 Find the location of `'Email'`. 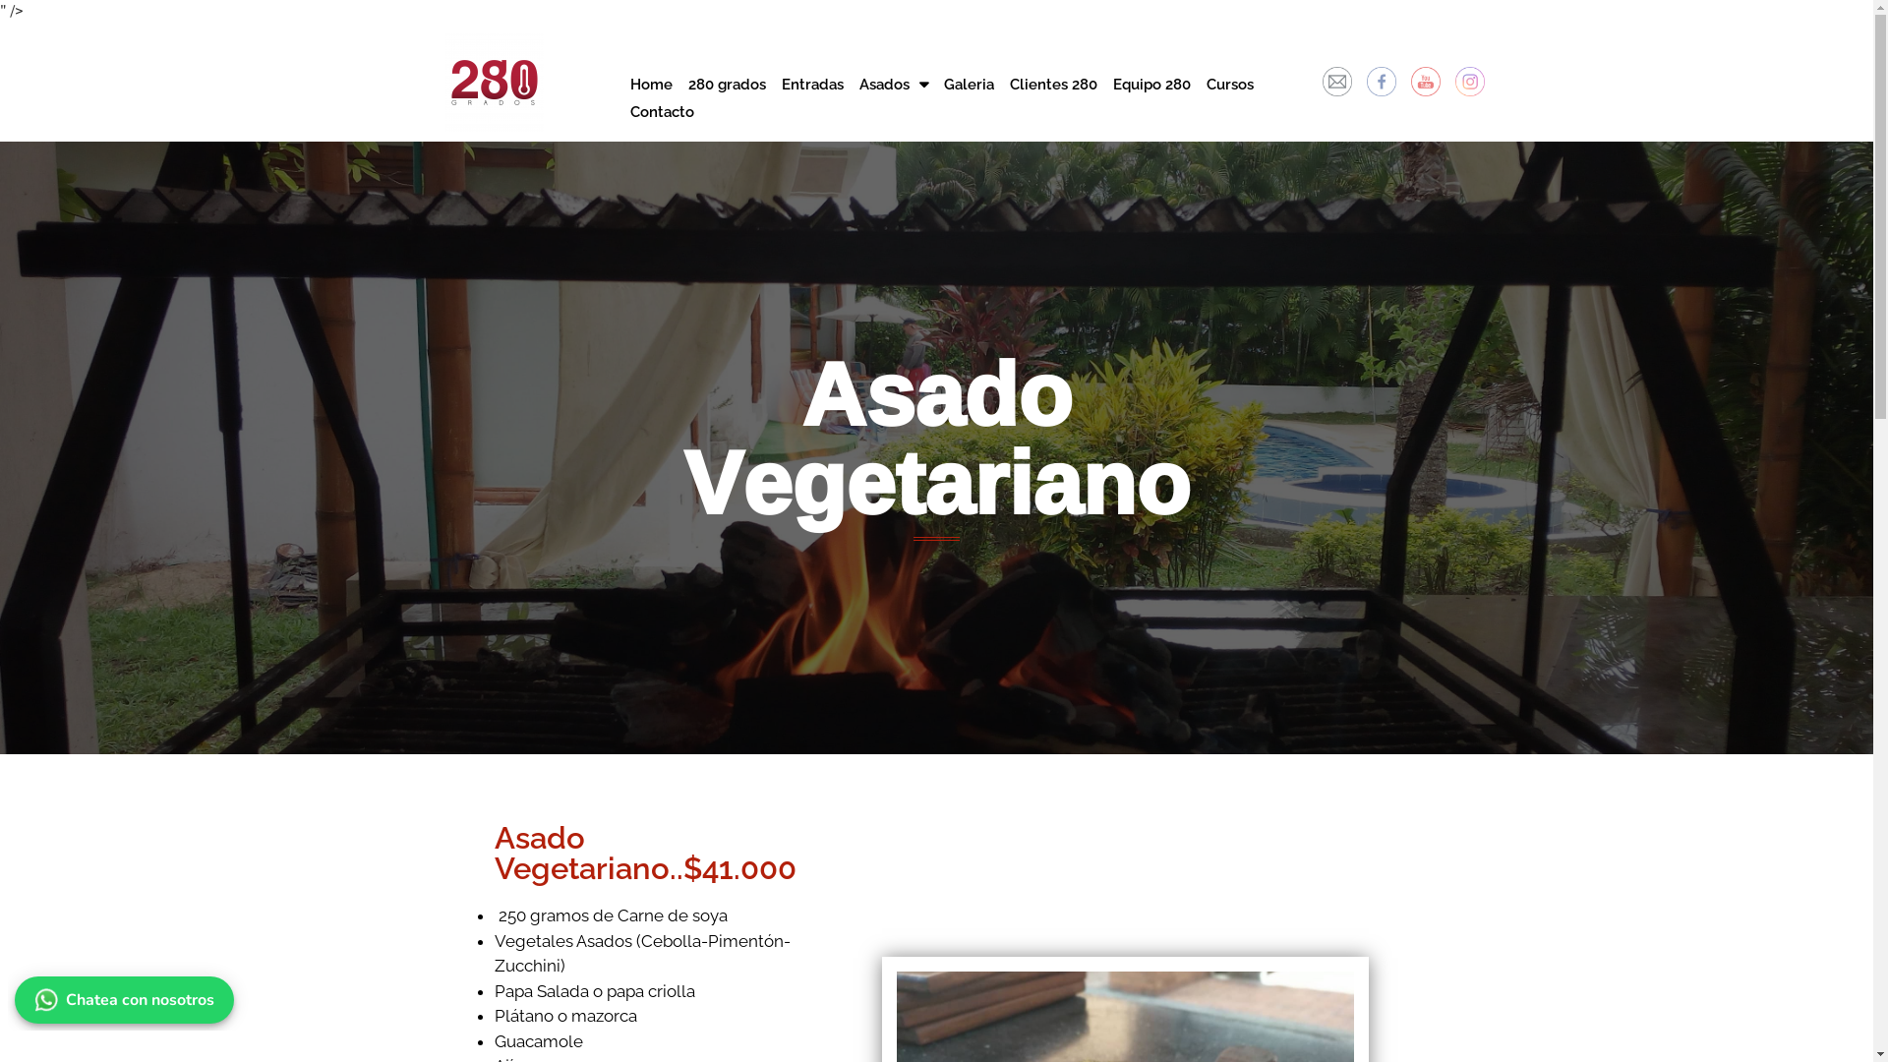

'Email' is located at coordinates (1336, 81).